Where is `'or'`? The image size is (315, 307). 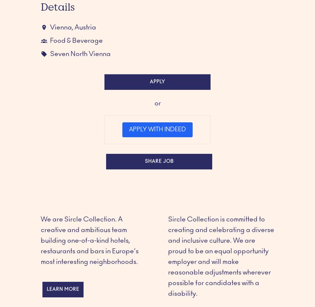 'or' is located at coordinates (157, 103).